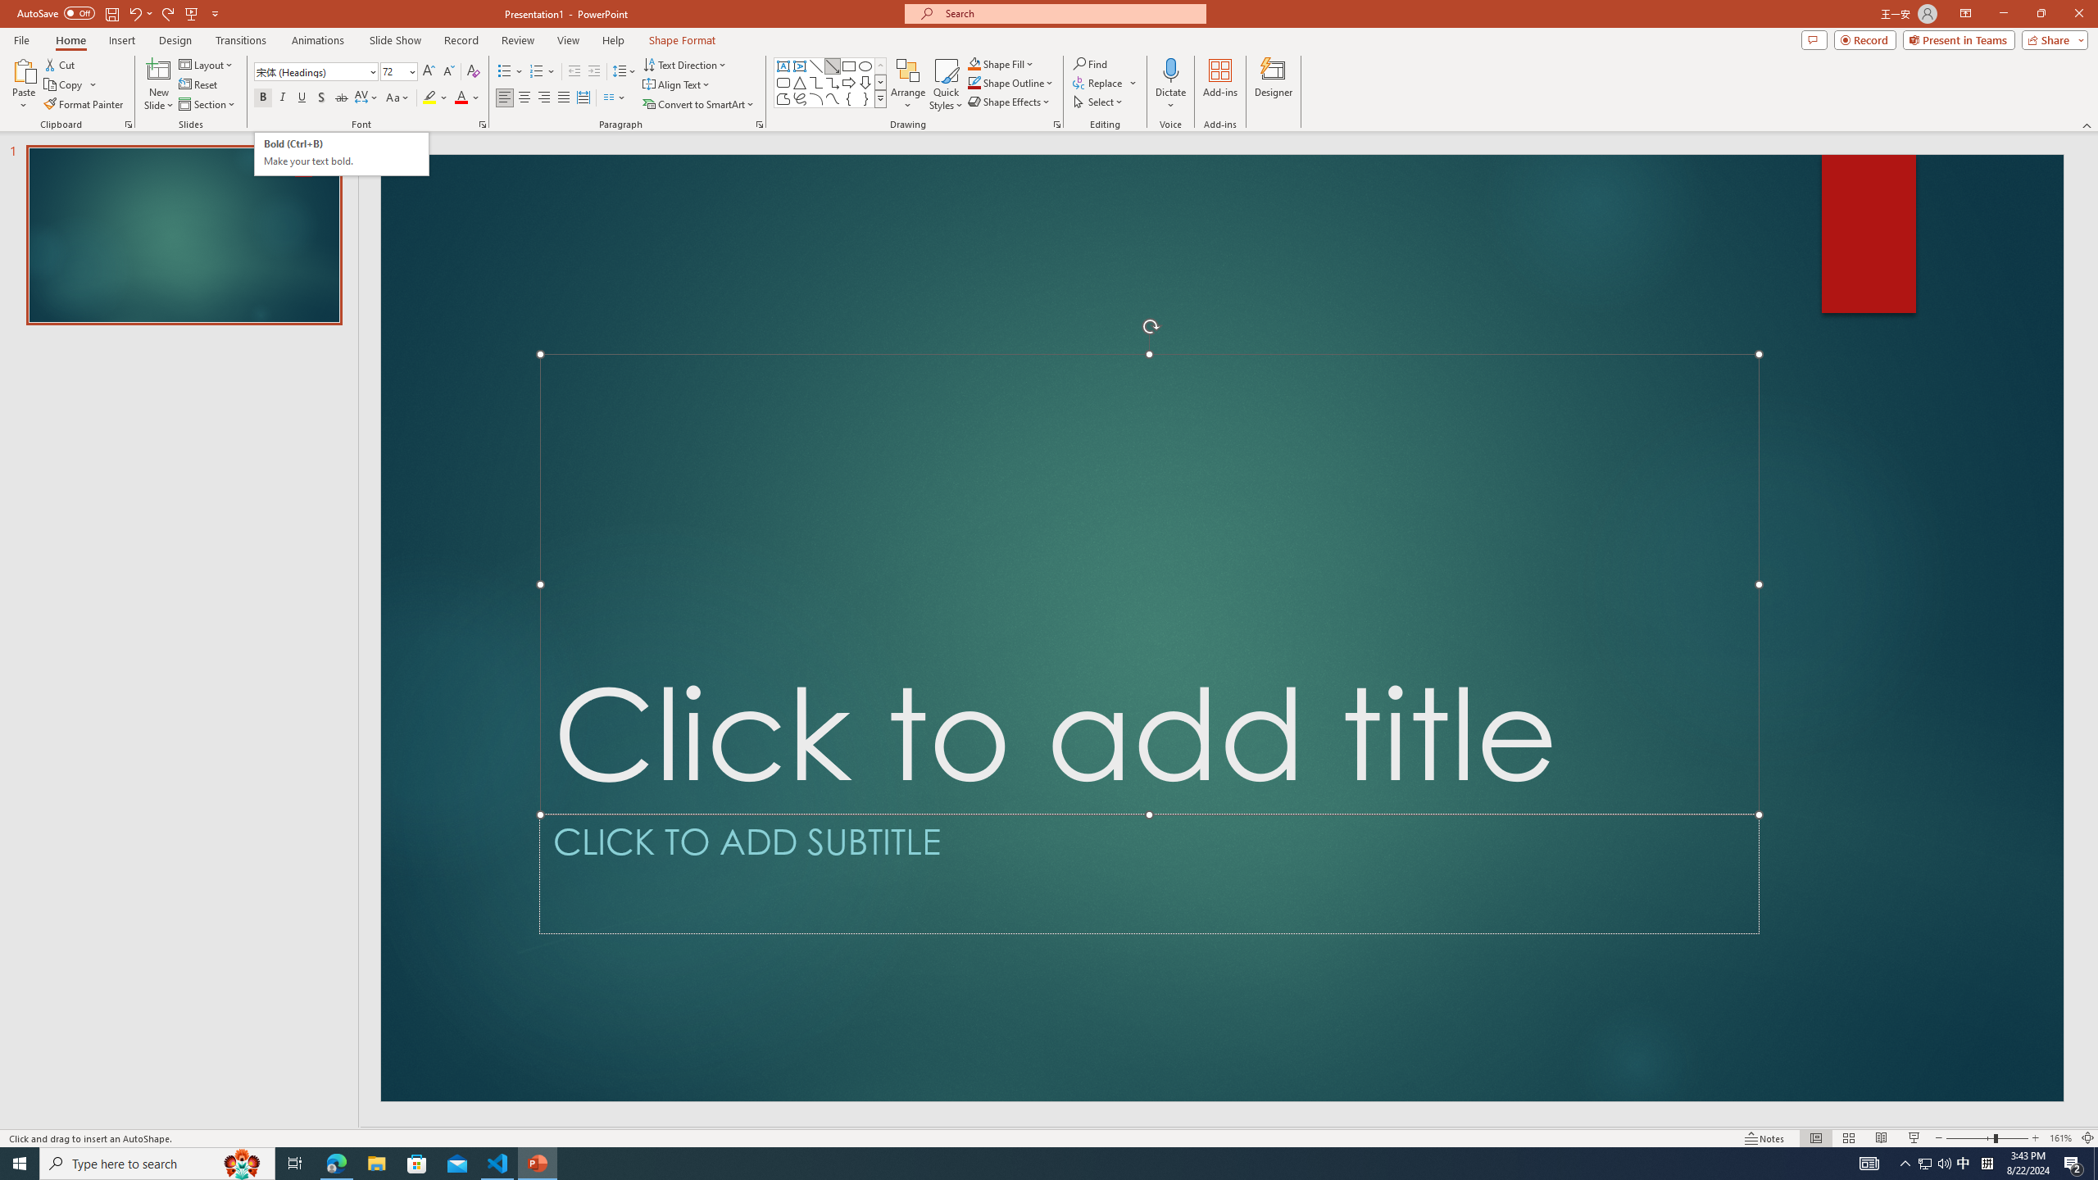 Image resolution: width=2098 pixels, height=1180 pixels. I want to click on 'Replace...', so click(1099, 81).